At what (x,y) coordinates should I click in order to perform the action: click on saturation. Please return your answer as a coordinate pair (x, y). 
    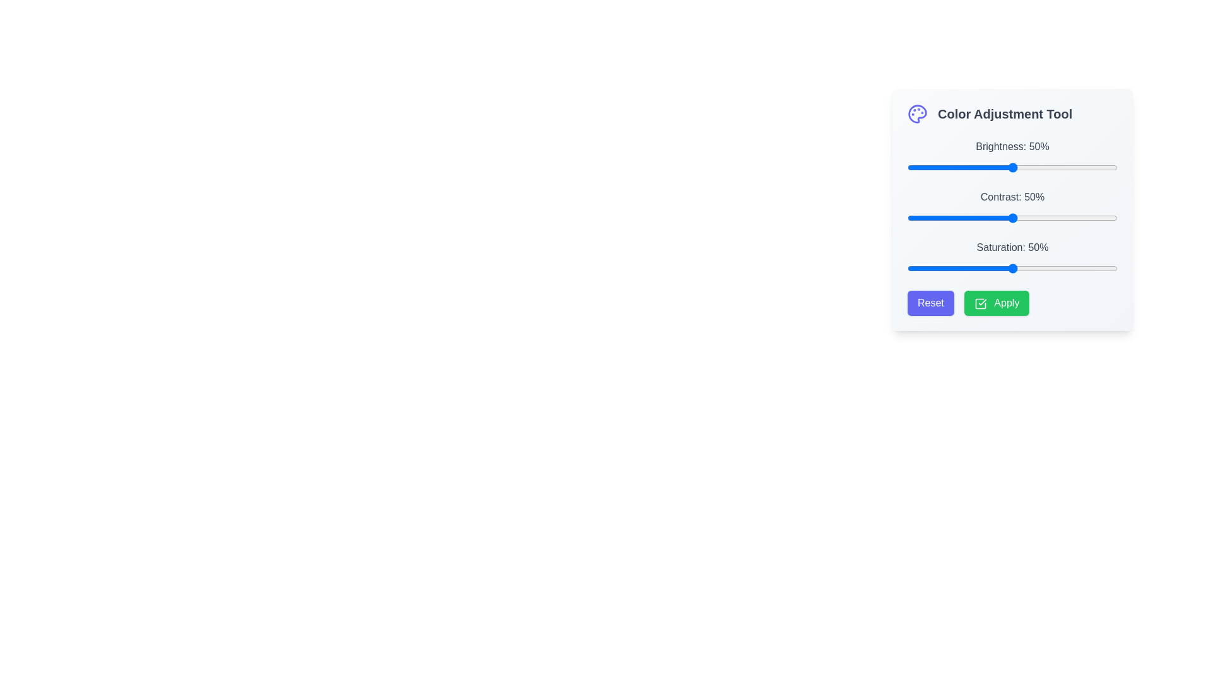
    Looking at the image, I should click on (1073, 267).